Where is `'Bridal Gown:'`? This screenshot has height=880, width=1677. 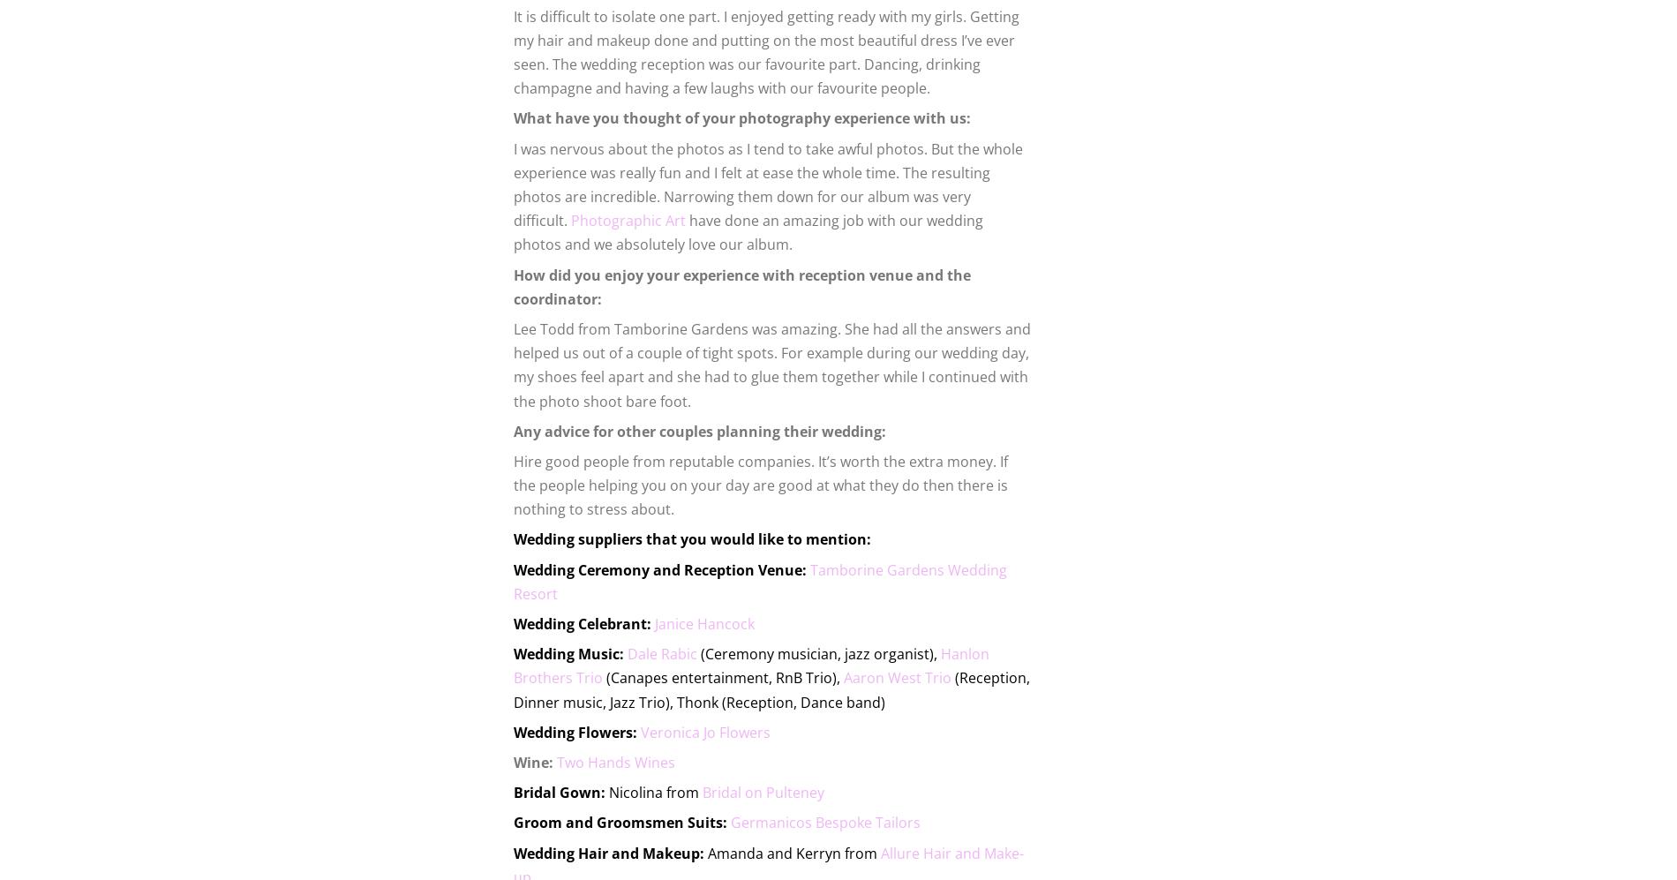
'Bridal Gown:' is located at coordinates (560, 791).